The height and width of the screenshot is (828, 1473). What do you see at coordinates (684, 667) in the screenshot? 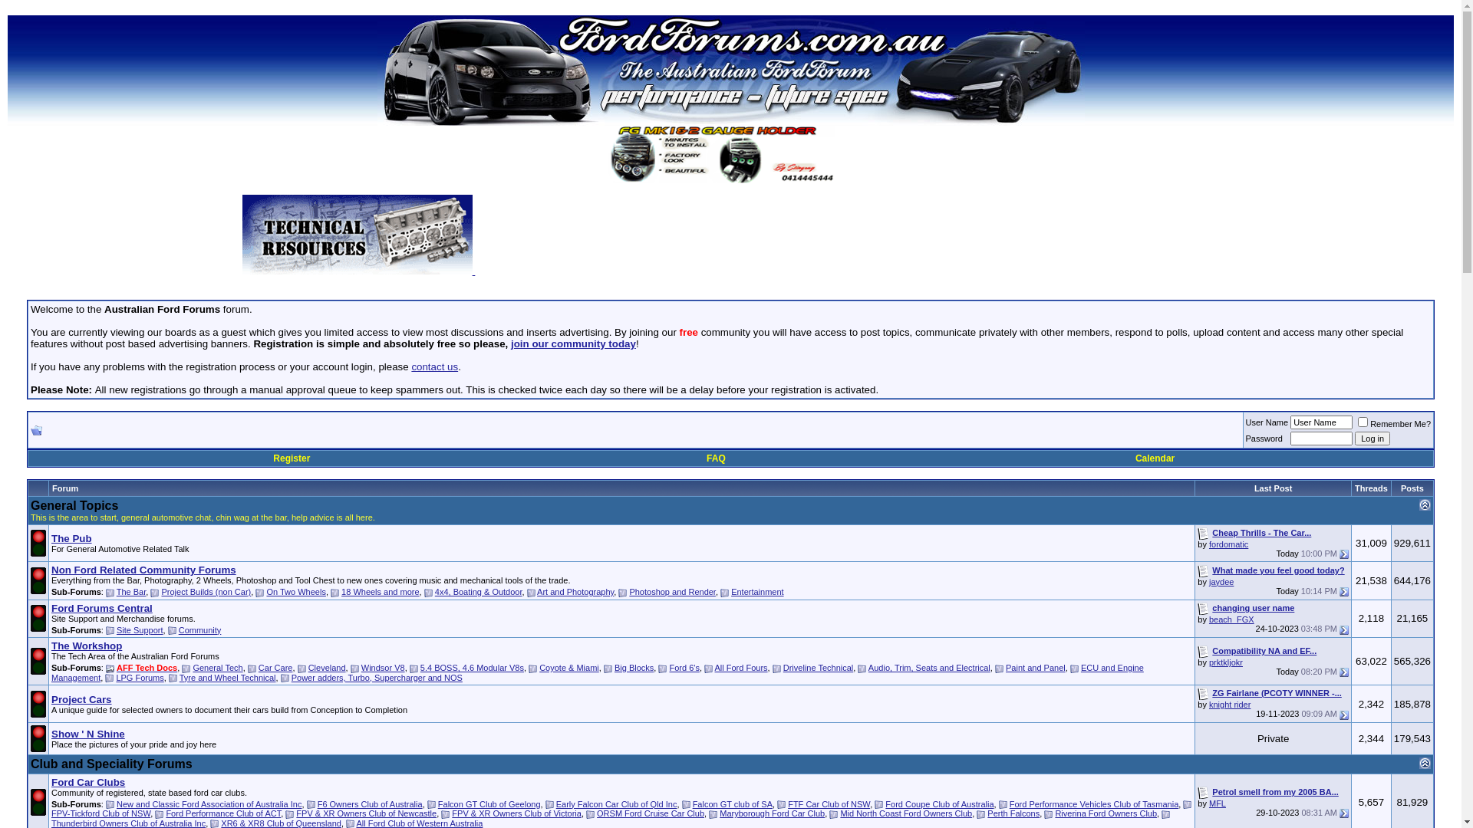
I see `'Ford 6's'` at bounding box center [684, 667].